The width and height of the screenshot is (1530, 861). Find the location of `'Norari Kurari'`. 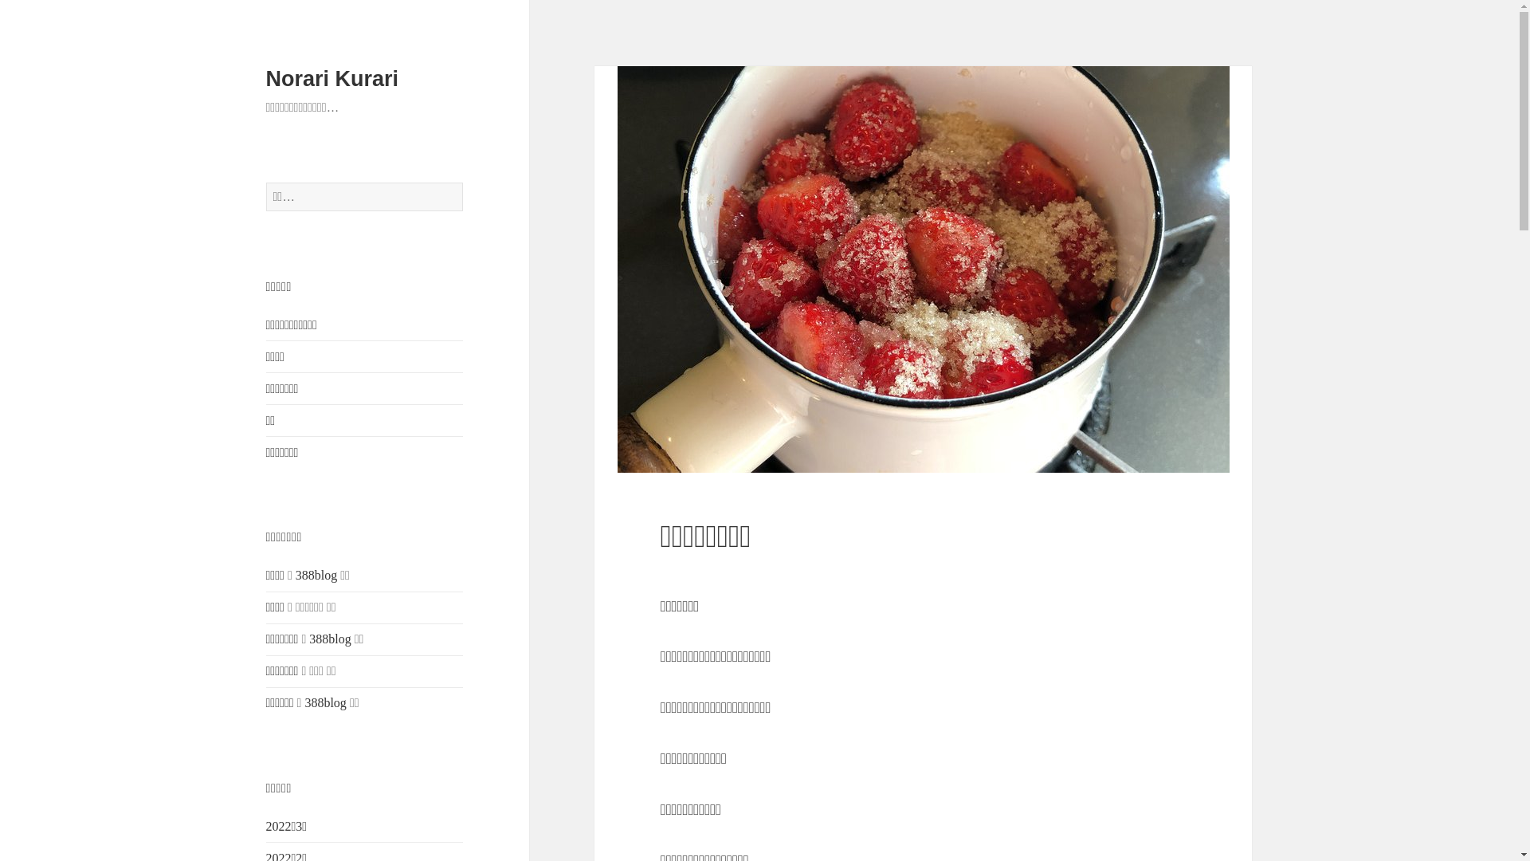

'Norari Kurari' is located at coordinates (331, 79).